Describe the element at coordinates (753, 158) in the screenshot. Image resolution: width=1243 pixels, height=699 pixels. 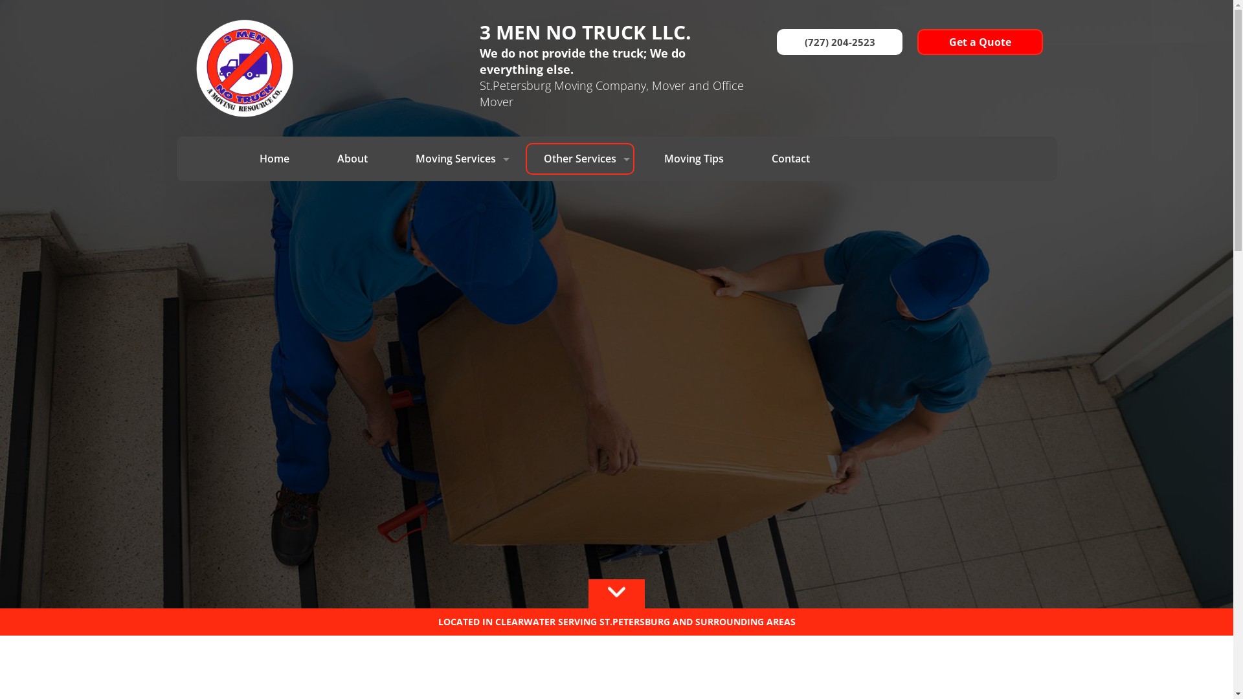
I see `'Contact'` at that location.